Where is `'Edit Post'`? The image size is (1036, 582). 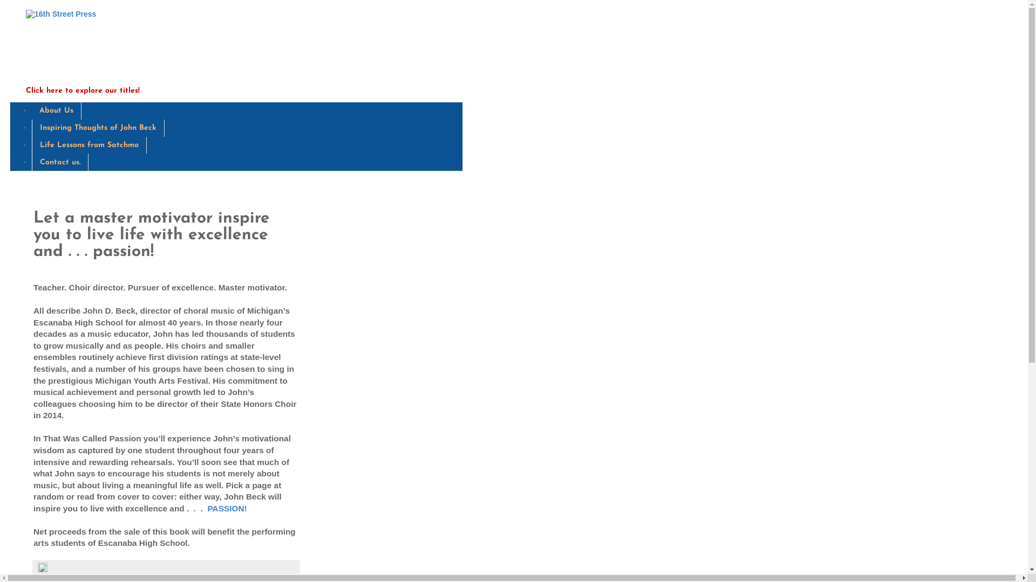 'Edit Post' is located at coordinates (42, 569).